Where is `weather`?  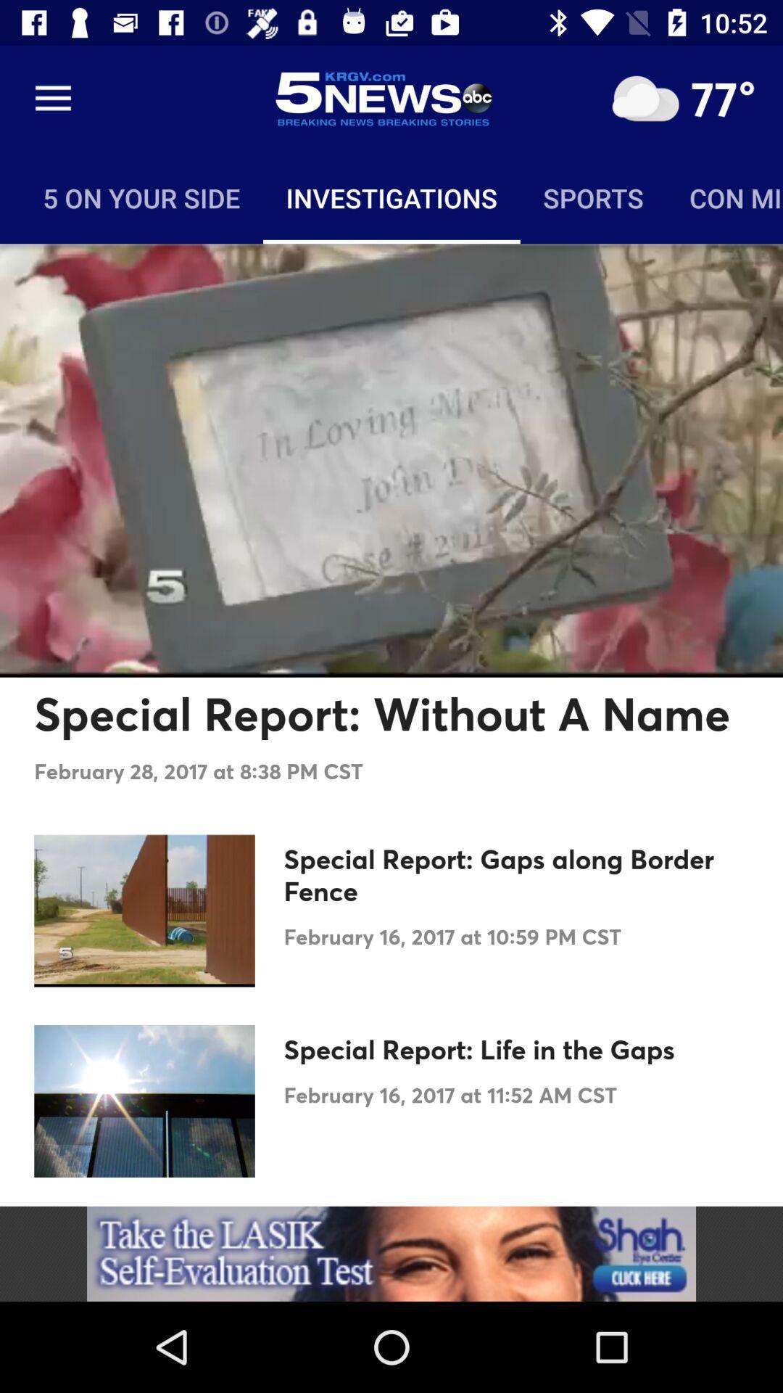
weather is located at coordinates (645, 98).